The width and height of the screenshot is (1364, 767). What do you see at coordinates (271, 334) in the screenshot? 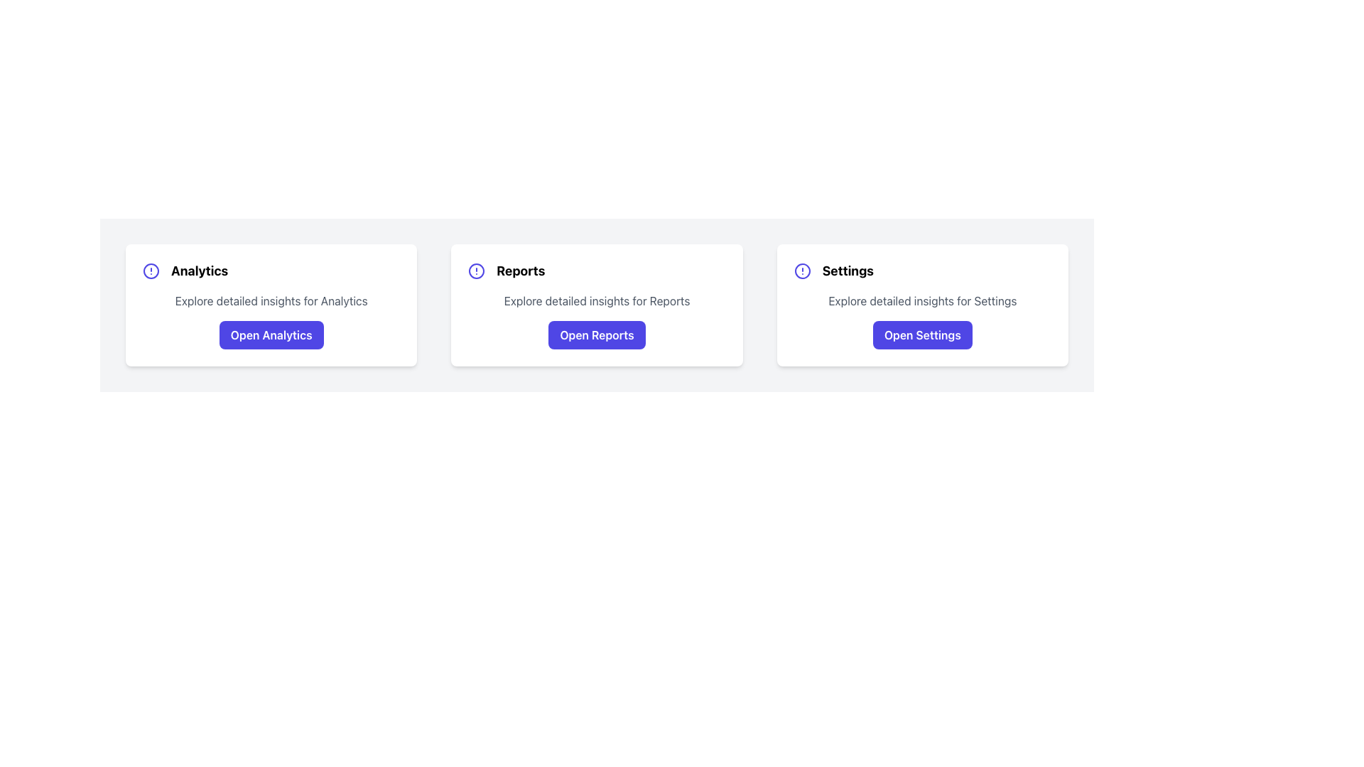
I see `the rectangular button with a purple background and white text reading 'Open Analytics'` at bounding box center [271, 334].